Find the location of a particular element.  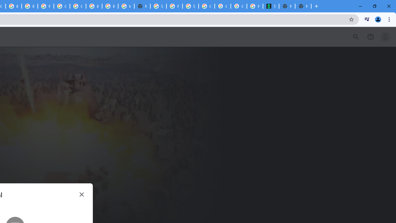

'Browse Chrome as a guest - Computer - Google Chrome Help' is located at coordinates (14, 6).